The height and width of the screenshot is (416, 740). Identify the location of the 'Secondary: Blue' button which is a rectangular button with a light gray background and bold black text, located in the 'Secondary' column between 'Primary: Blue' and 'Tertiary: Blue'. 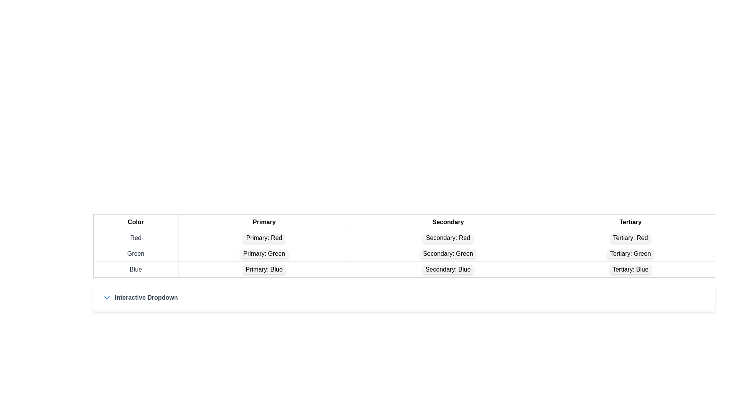
(448, 269).